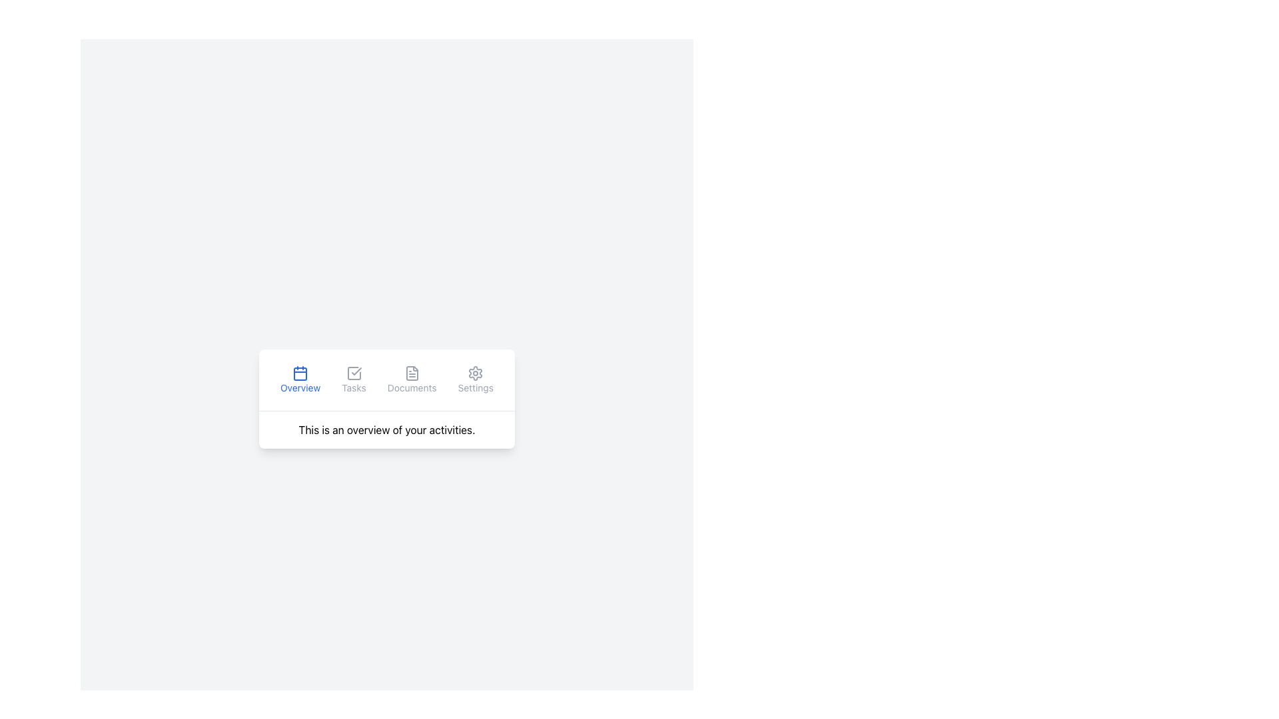  Describe the element at coordinates (476, 372) in the screenshot. I see `the gear-shaped icon located in the 'Settings' tab of the navigation bar` at that location.